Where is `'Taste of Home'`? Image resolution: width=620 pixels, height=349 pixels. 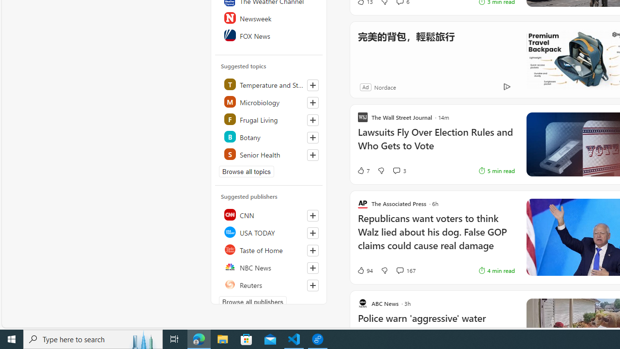 'Taste of Home' is located at coordinates (269, 249).